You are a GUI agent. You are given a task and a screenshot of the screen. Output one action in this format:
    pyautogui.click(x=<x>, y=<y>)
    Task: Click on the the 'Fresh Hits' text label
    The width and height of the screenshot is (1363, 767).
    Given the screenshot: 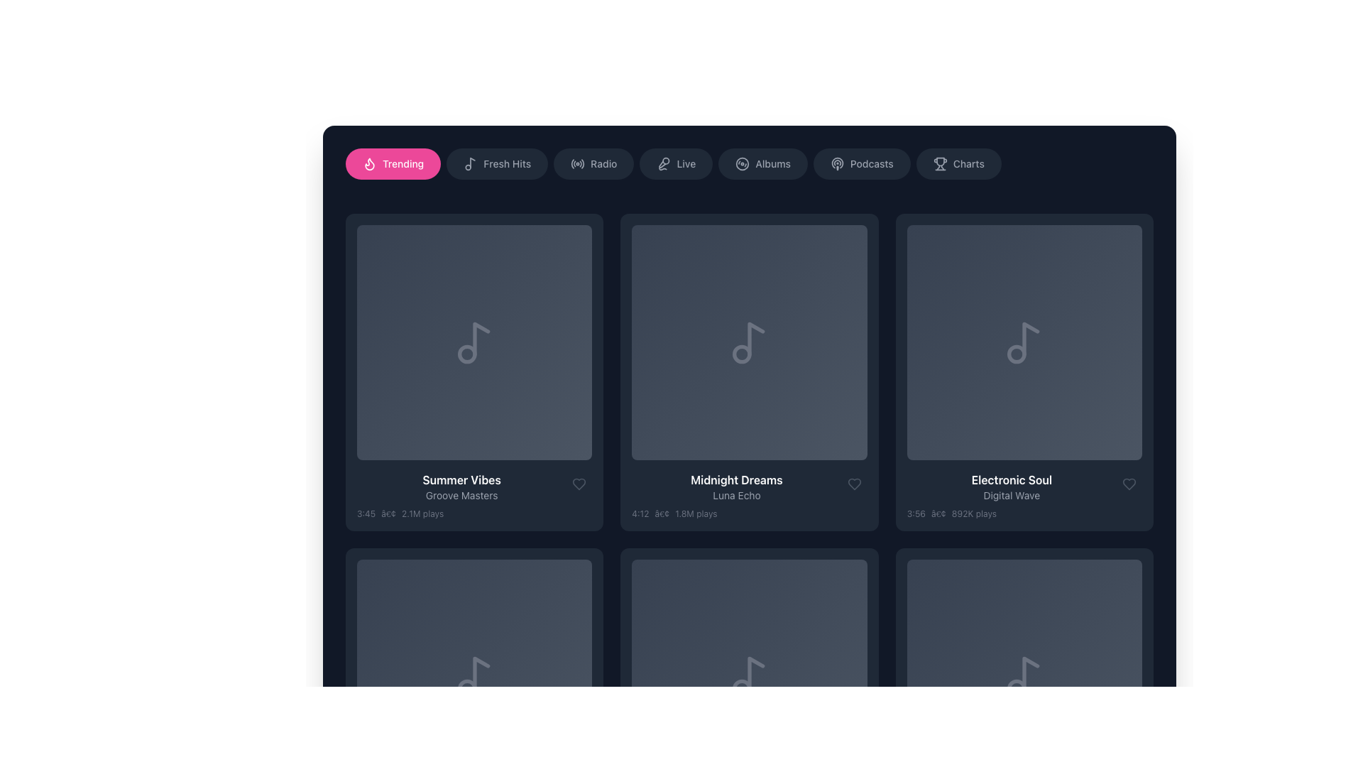 What is the action you would take?
    pyautogui.click(x=507, y=163)
    